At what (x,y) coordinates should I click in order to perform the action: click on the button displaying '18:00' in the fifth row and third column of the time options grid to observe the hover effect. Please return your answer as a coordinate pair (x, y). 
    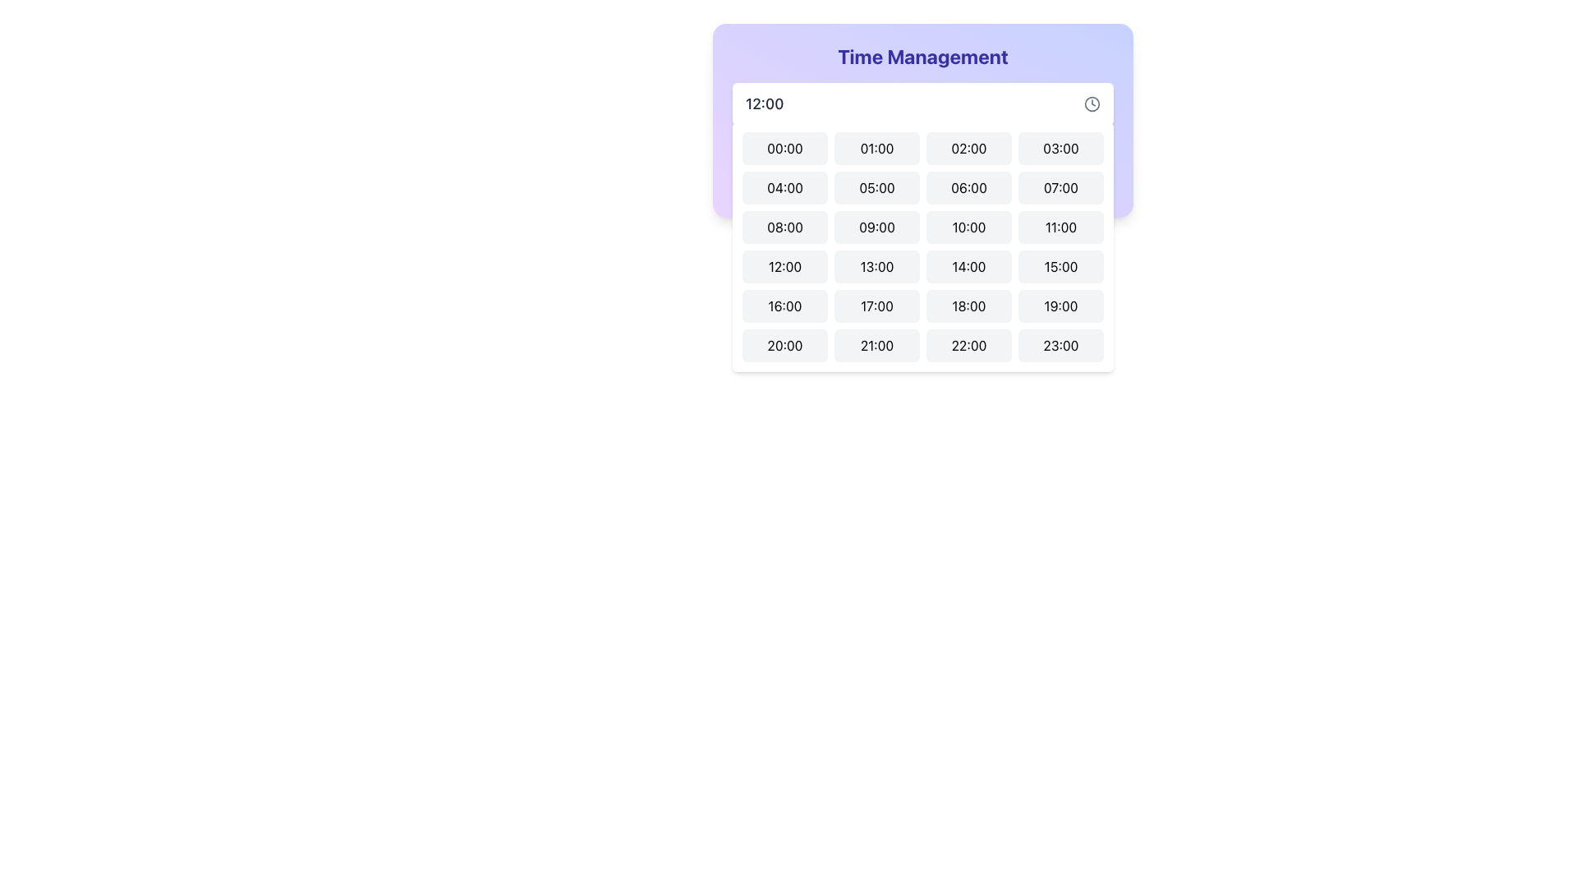
    Looking at the image, I should click on (969, 306).